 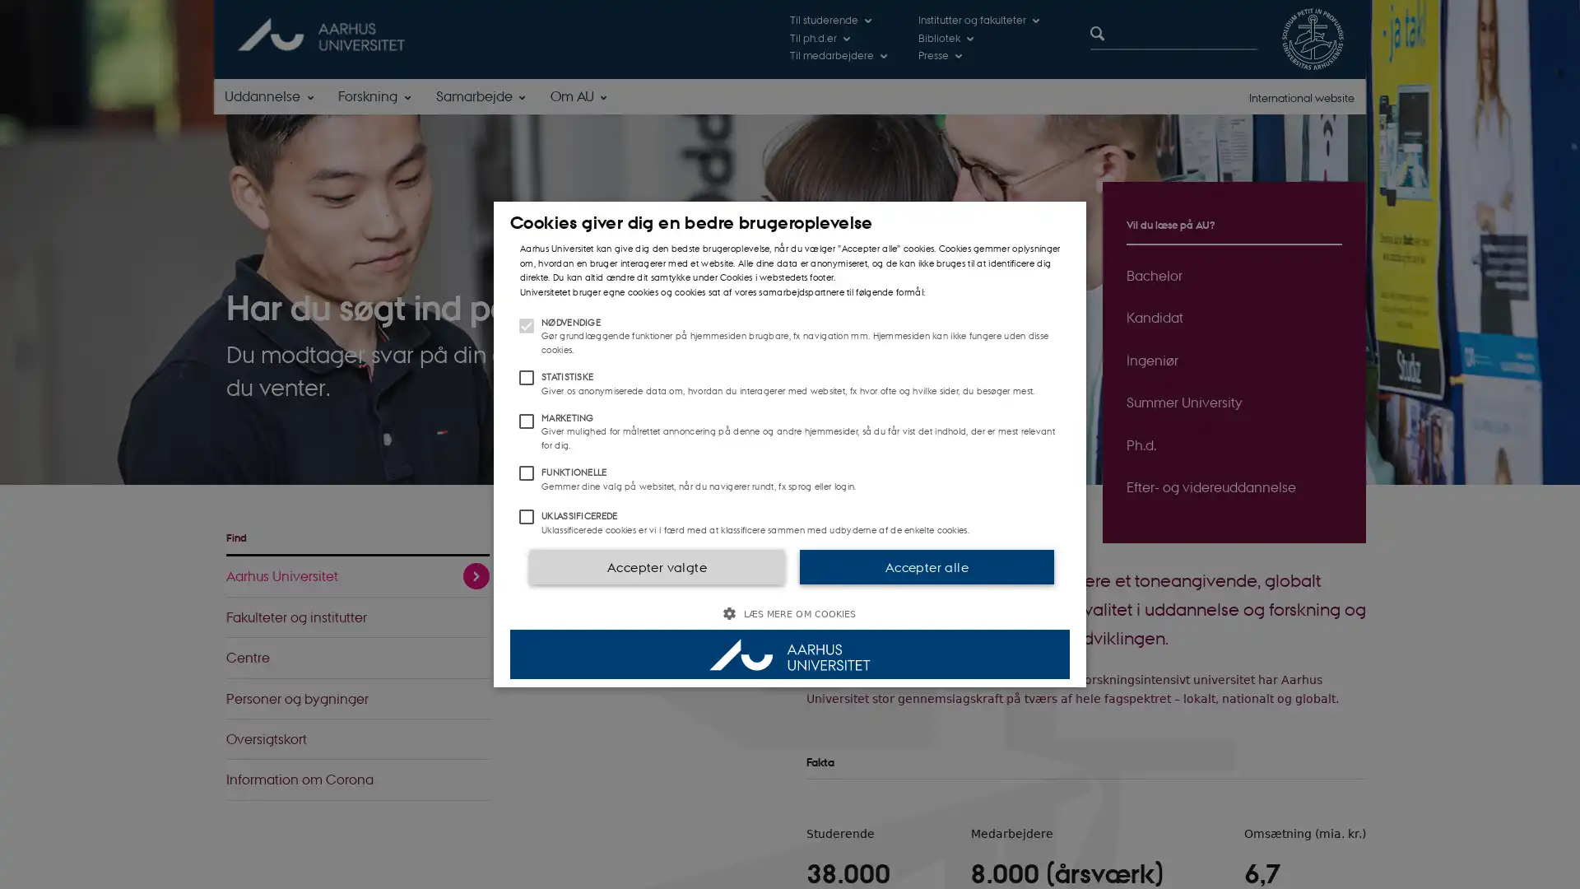 What do you see at coordinates (790, 444) in the screenshot?
I see `Cookies giver dig en bedre brugeroplevelse Aarhus Universitet kan give dig den bedste brugeroplevelse, nar du vlger Accepter alle cookies. Cookies gemmer oplysninger om, hvordan en bruger interagerer med et website. Alle dine data er anonymiseret, og de kan ikke bruges til at identificere dig direkte. Du kan altid ndre dit samtykke under Cookies i webstedets footer. Universitetet bruger egne cookies og cookies sat af vores samarbejdspartnere til flgende formal: NDVENDIGE Gr grundlggende funktioner pa hjemmesiden brugbare, fx navigation mm. Hjemmesiden kan ikke fungere uden disse cookies. STATISTISKE Giver os anonymiserede data om, hvordan du interagerer med websitet, fx hvor ofte og hvilke sider, du besger mest. MARKETING Giver mulighed for malrettet annoncering pa denne og andre hjemmesider, sa du far vist det indhold, der er mest relevant for dig. FUNKTIONELLE Gemmer dine valg pa websitet, nar du navigerer rundt, fx sprog eller login. UKLASSIFICEREDE Uklassificerede cookies er vi i frd med at klassificere sammen med udbyderne af de enkelte cookies. Accepter alle Accepter valgte LS MERE OM COOKIES LISTE OVER COOKIES COOKIEPOLITIK ANNONCEINDSTILLINGER Ndvendige Statistiske Marketing Funktionelle Uklassificerede Ndvendige cookies hjlper med at gre hjemmesiden brugbar ved at aktivere nogle grundlggende funktioner som navigation mm. Hjemmesiden kan ikke fungerer uden disse cookies. Disse cookies hjlper Aarhus Universitet med at forsta, hvordan du interagerer med websitet. Vi bruger denne information til at forbedre vores website.` at bounding box center [790, 444].